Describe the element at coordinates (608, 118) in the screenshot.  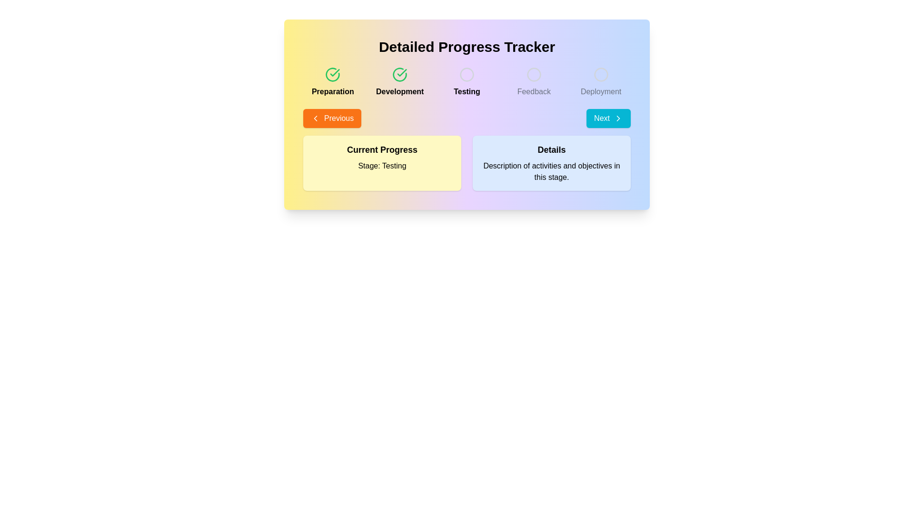
I see `the 'Next' button, which is a rectangular button with rounded corners, light cyan background, and white text that reads 'Next', located at the bottom of the interface` at that location.